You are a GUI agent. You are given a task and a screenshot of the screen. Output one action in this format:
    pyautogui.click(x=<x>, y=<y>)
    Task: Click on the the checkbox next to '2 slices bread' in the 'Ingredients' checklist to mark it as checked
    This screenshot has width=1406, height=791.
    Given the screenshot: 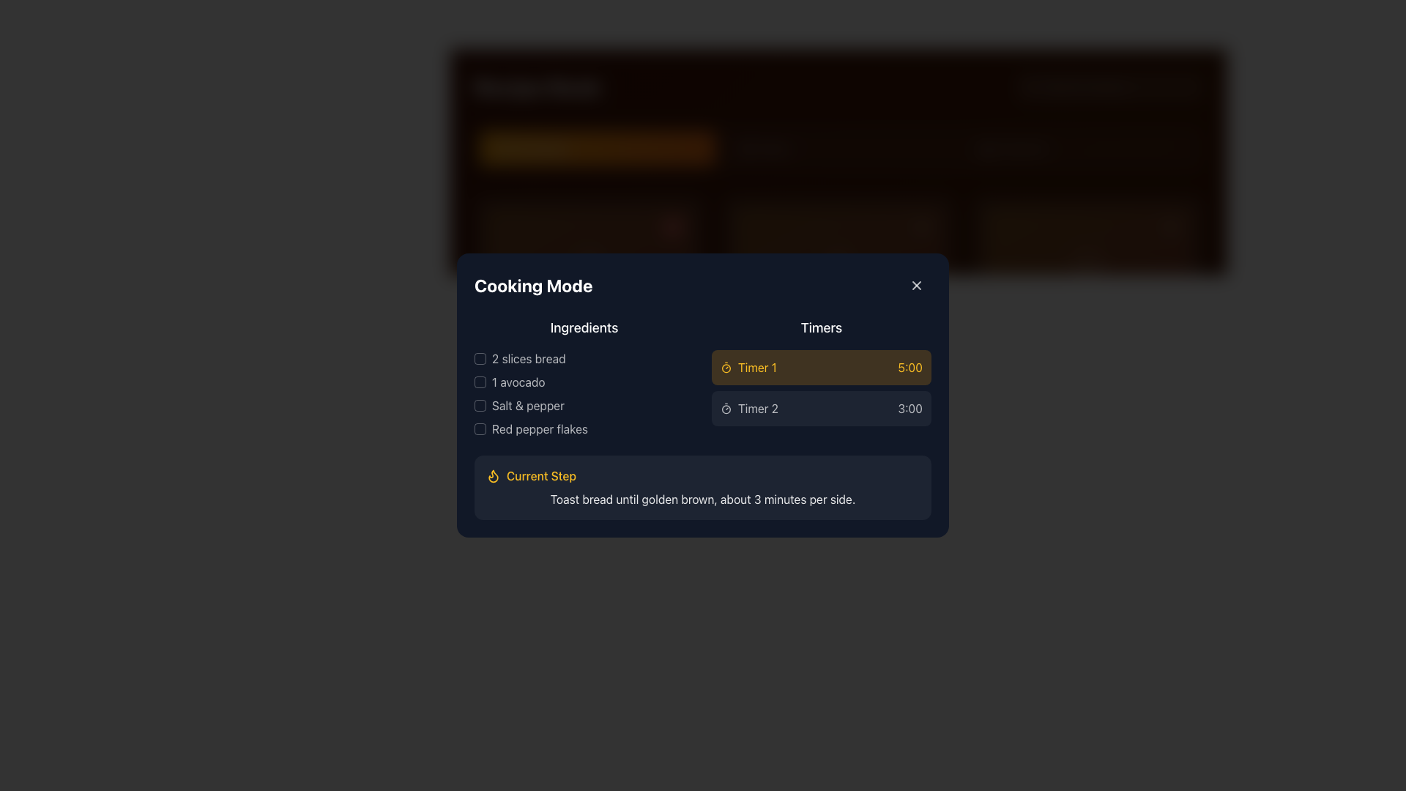 What is the action you would take?
    pyautogui.click(x=583, y=377)
    